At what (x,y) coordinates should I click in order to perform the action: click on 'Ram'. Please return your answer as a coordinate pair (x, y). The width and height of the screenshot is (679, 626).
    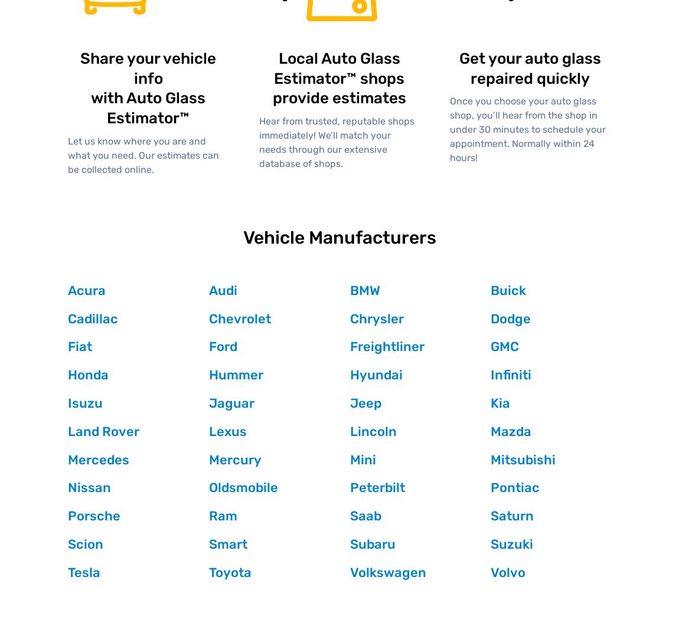
    Looking at the image, I should click on (222, 516).